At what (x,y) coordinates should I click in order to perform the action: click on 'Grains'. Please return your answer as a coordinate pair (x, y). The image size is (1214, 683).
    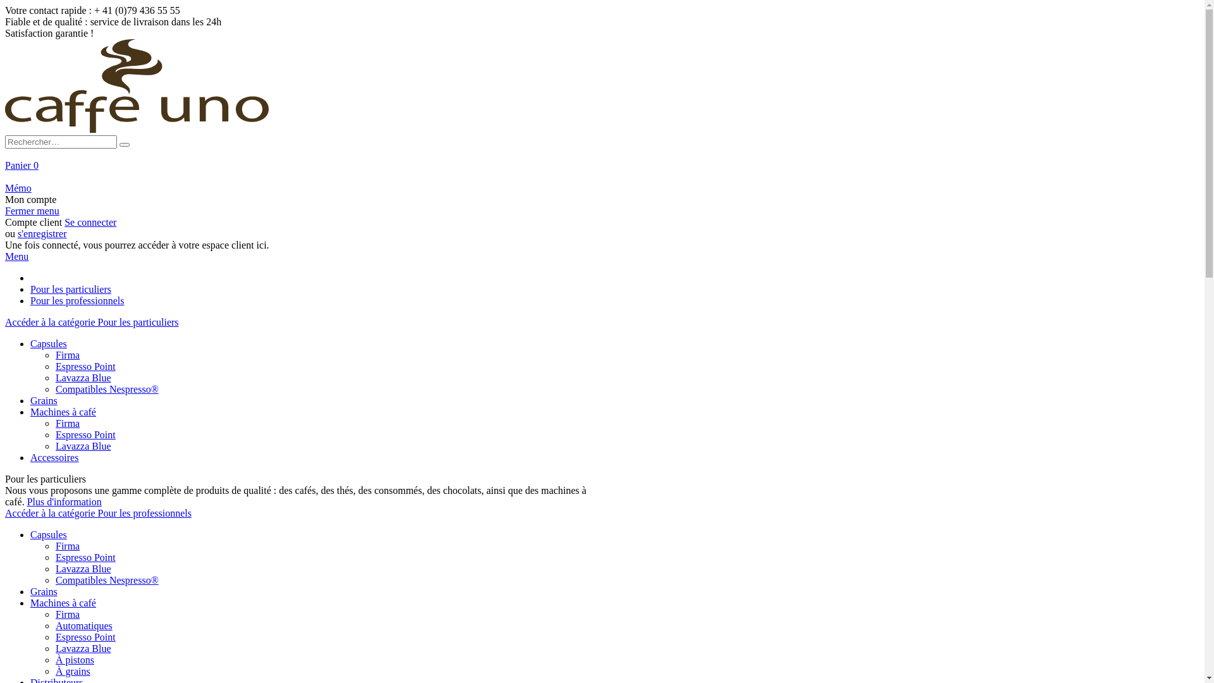
    Looking at the image, I should click on (44, 591).